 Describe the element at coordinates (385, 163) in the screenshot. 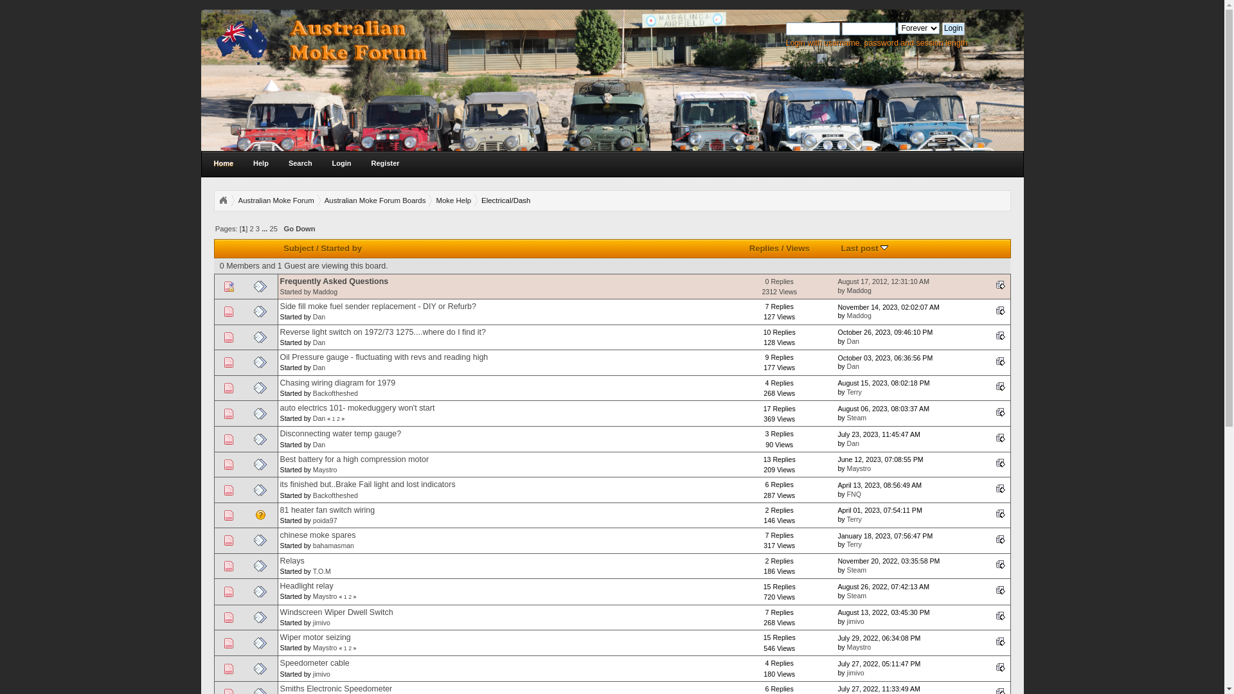

I see `'Register'` at that location.